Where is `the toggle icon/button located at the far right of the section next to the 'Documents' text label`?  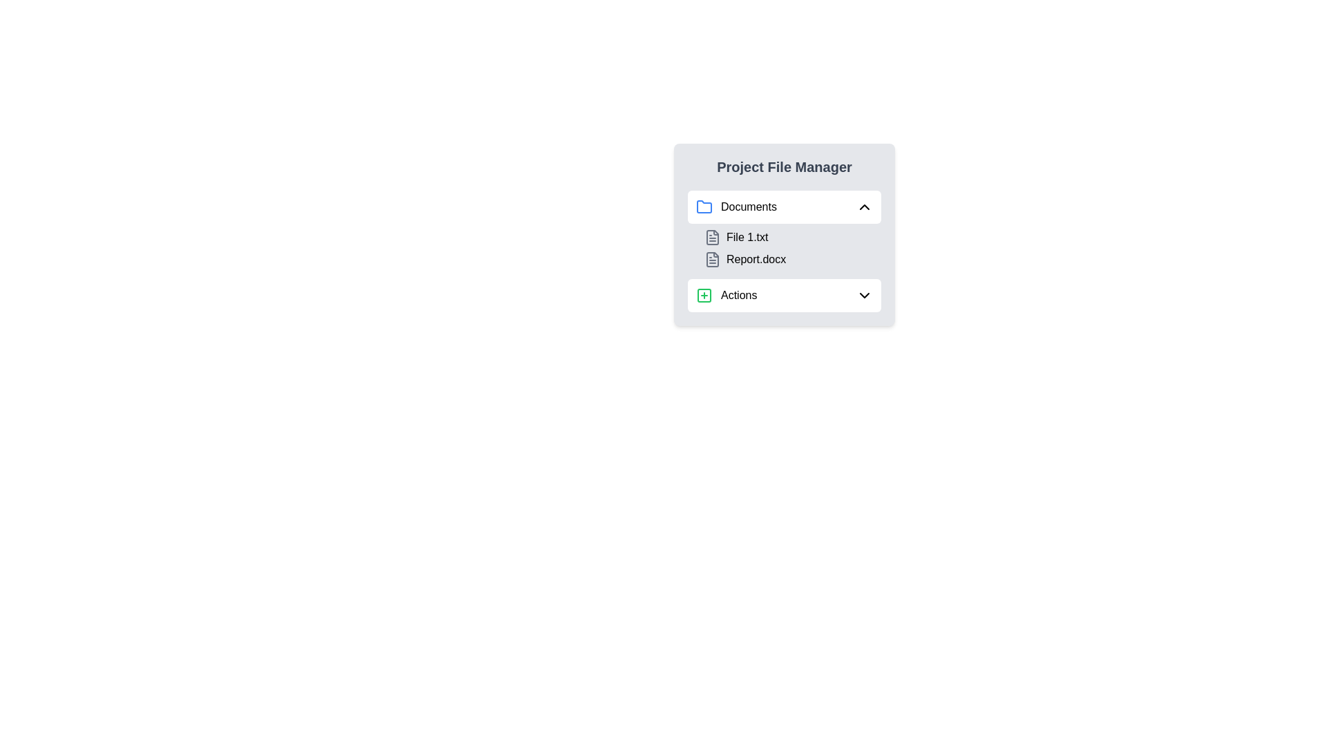 the toggle icon/button located at the far right of the section next to the 'Documents' text label is located at coordinates (864, 207).